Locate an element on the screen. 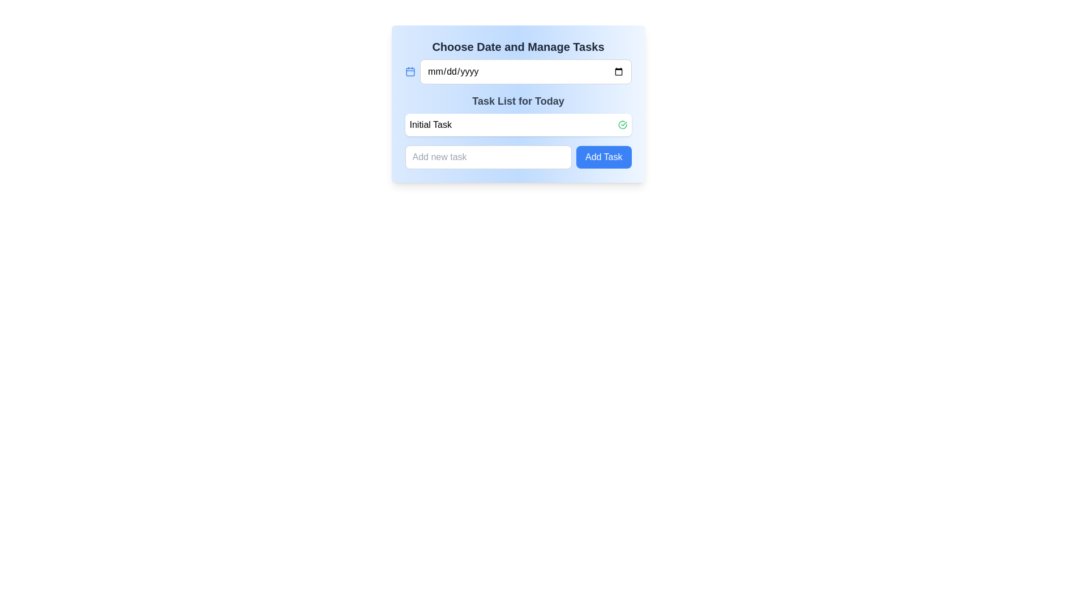 The image size is (1087, 611). the calendar icon located in the top-left corner of the section is located at coordinates (409, 72).